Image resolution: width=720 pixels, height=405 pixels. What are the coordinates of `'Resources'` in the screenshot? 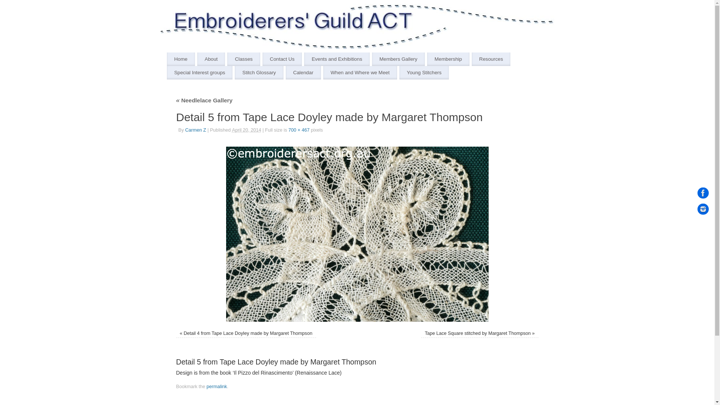 It's located at (491, 59).